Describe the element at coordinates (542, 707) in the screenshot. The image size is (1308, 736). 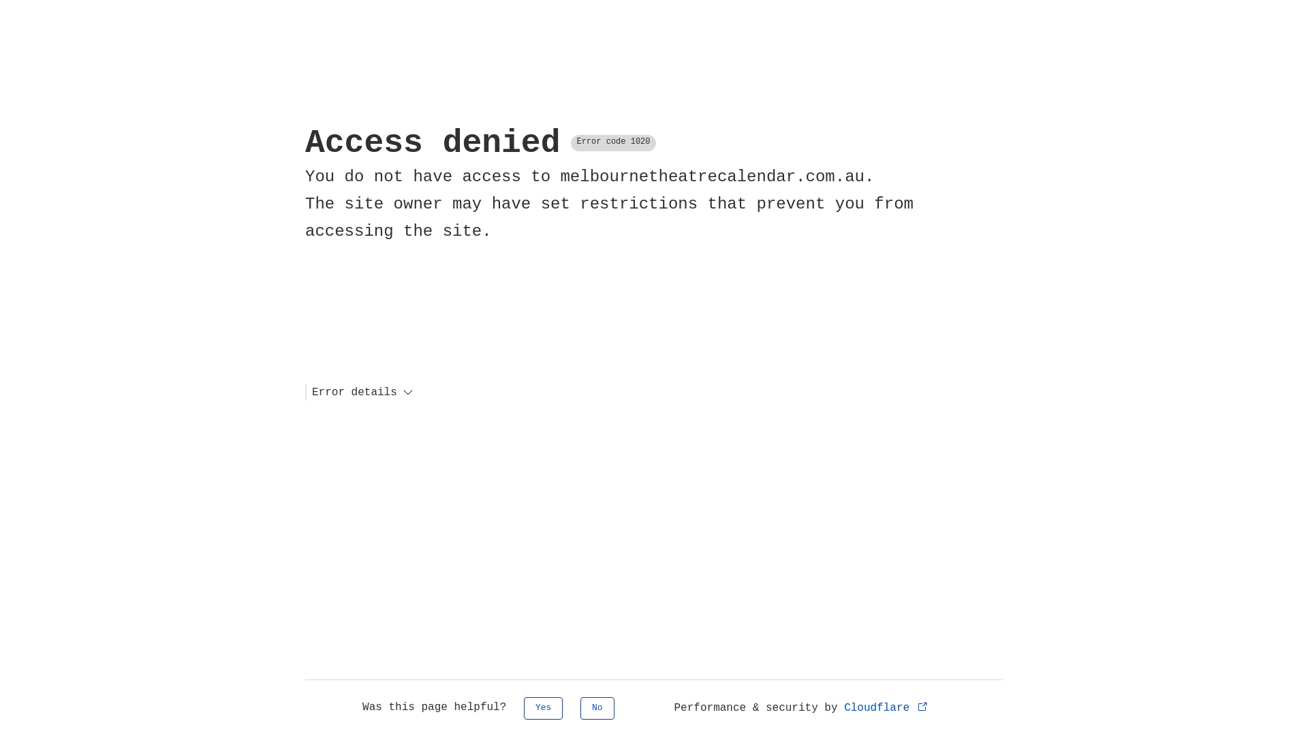
I see `'Yes'` at that location.